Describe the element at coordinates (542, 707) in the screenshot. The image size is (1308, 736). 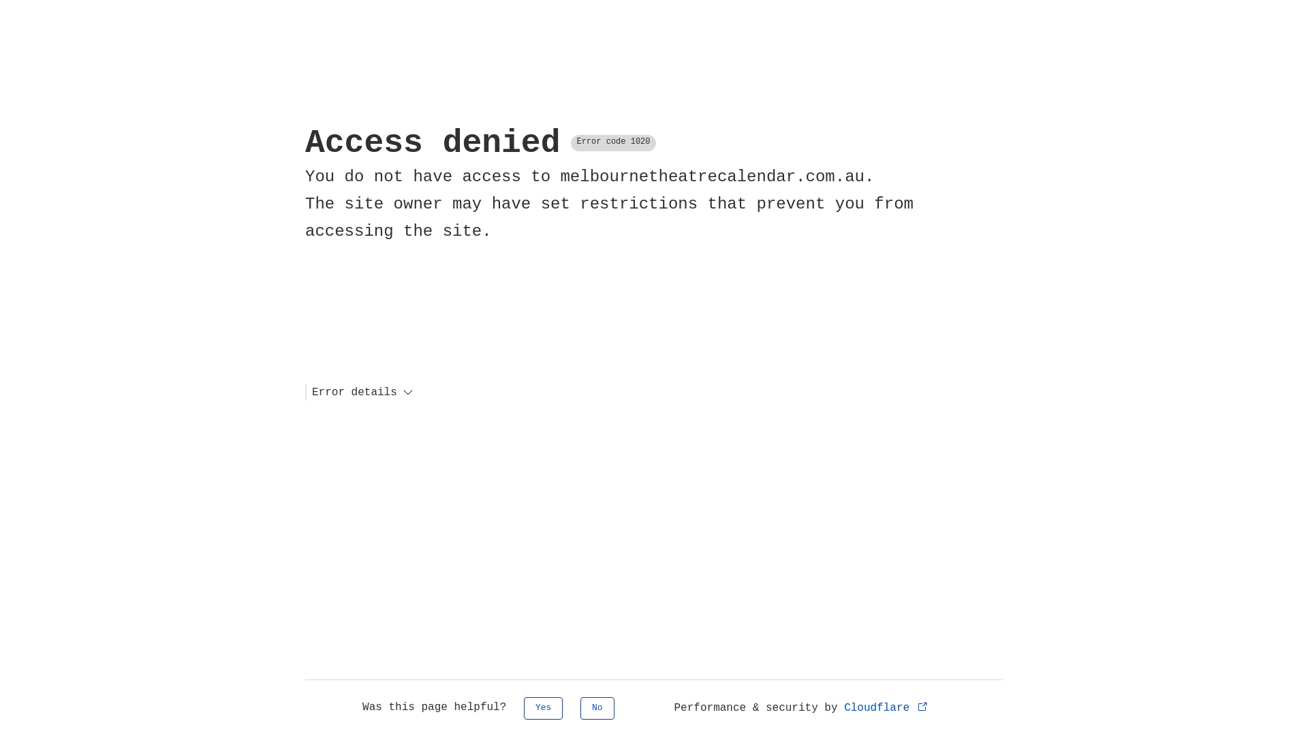
I see `'Yes'` at that location.